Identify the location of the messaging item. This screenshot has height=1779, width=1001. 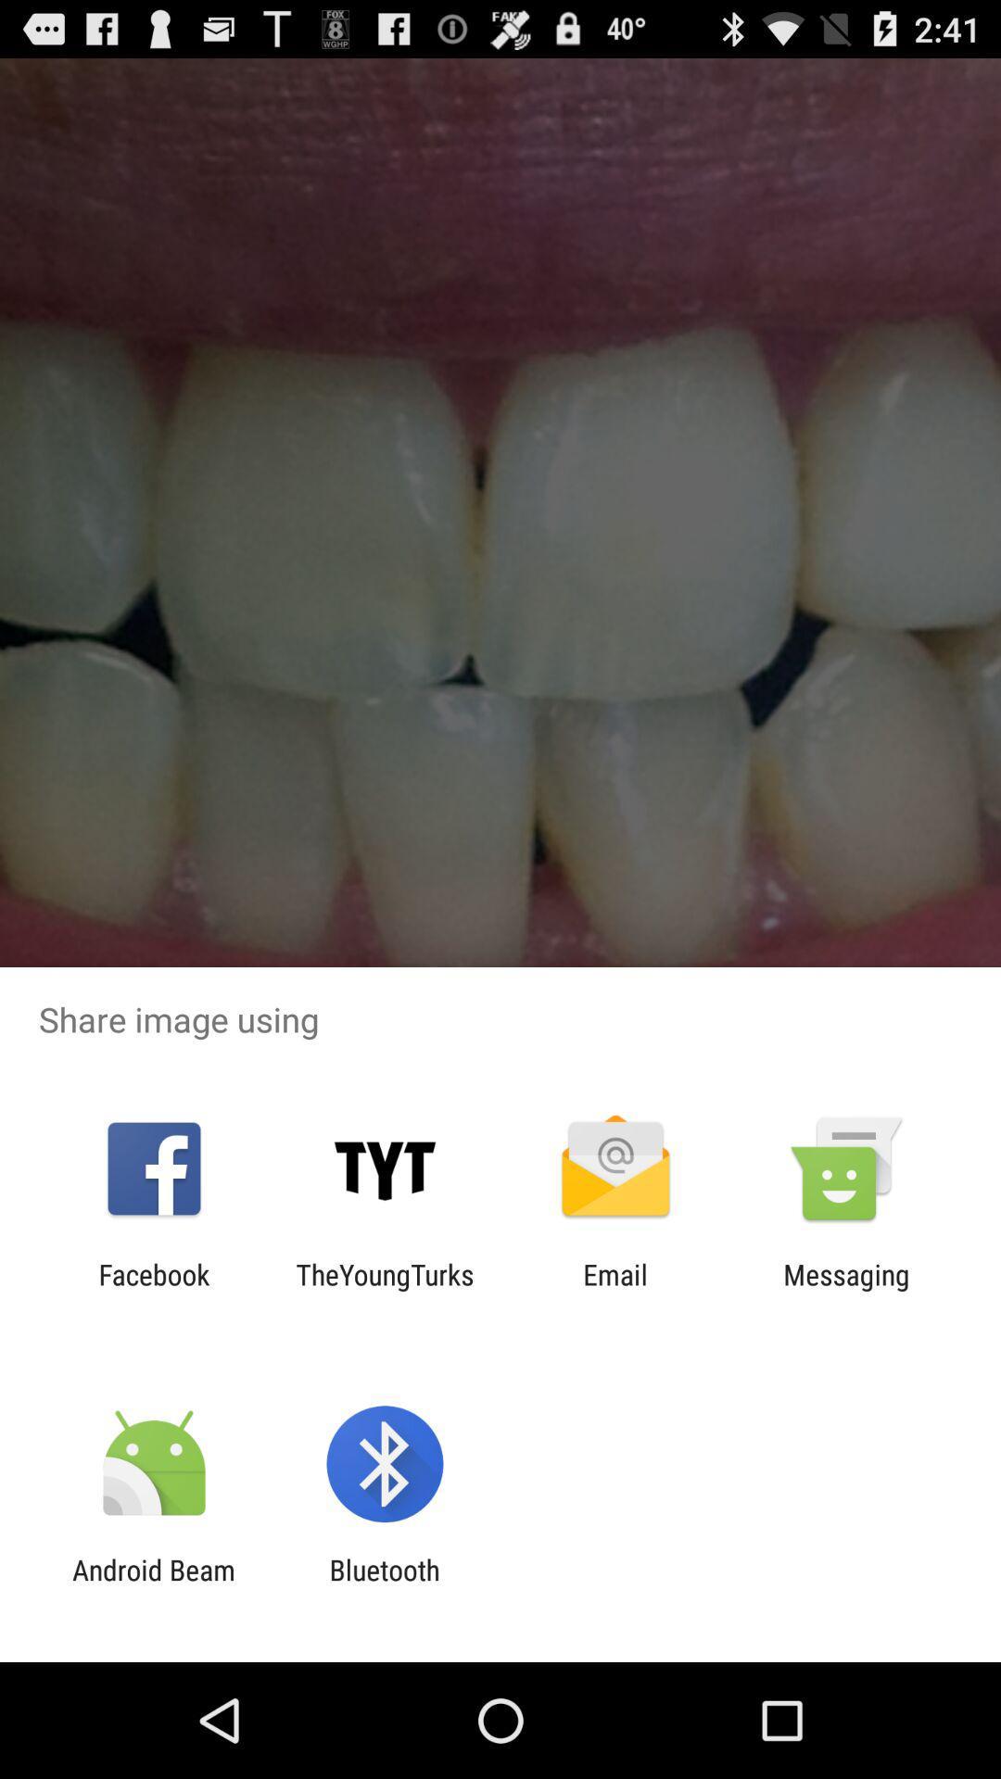
(846, 1290).